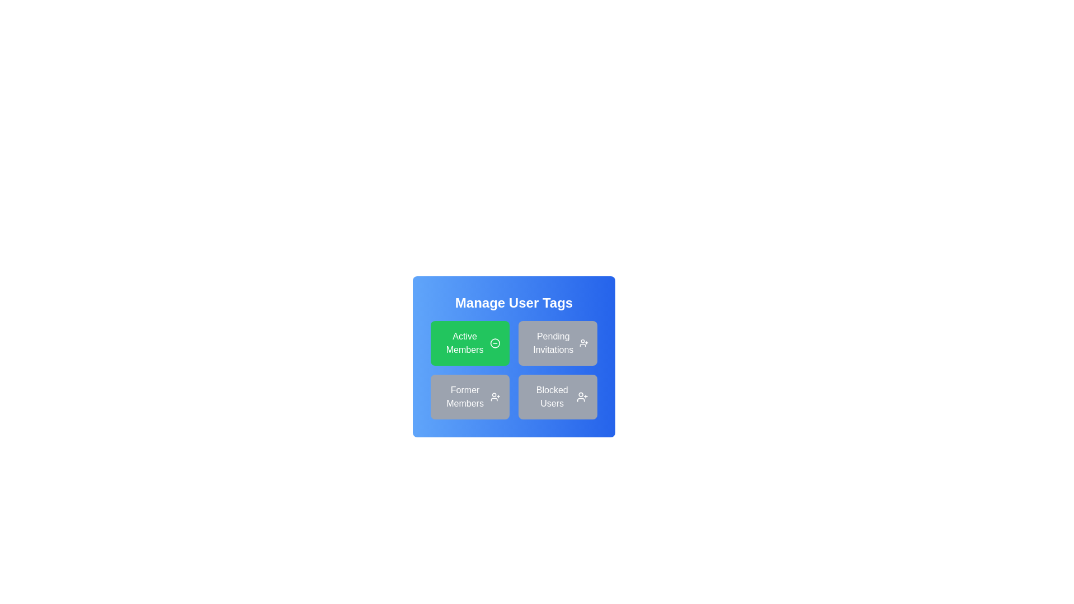 The height and width of the screenshot is (604, 1074). I want to click on the text label that indicates the section for managing user tags, located at the top of the blue card, so click(513, 303).